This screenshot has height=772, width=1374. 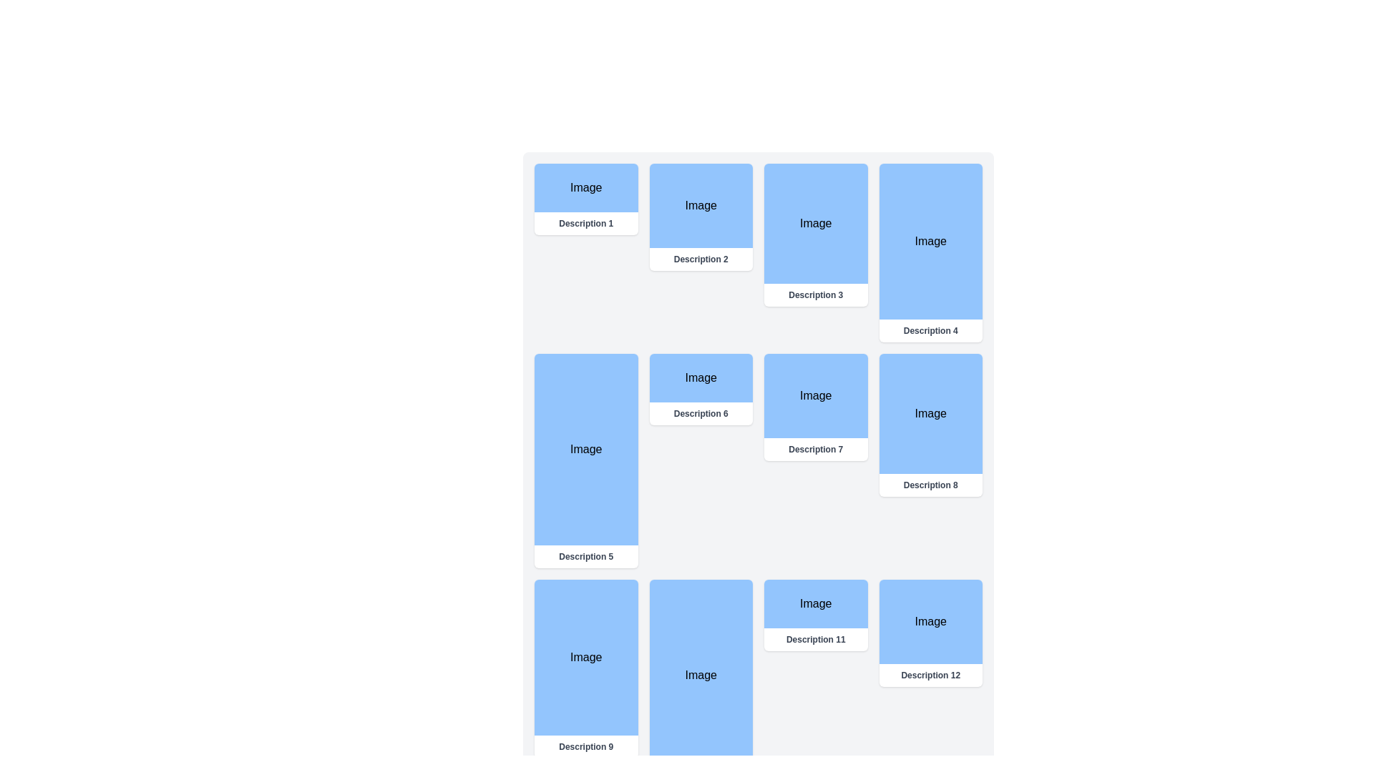 I want to click on the Card element located in the fourth column of the fourth row, which serves as a visual representation for a specific item in the gallery or catalog, so click(x=930, y=633).